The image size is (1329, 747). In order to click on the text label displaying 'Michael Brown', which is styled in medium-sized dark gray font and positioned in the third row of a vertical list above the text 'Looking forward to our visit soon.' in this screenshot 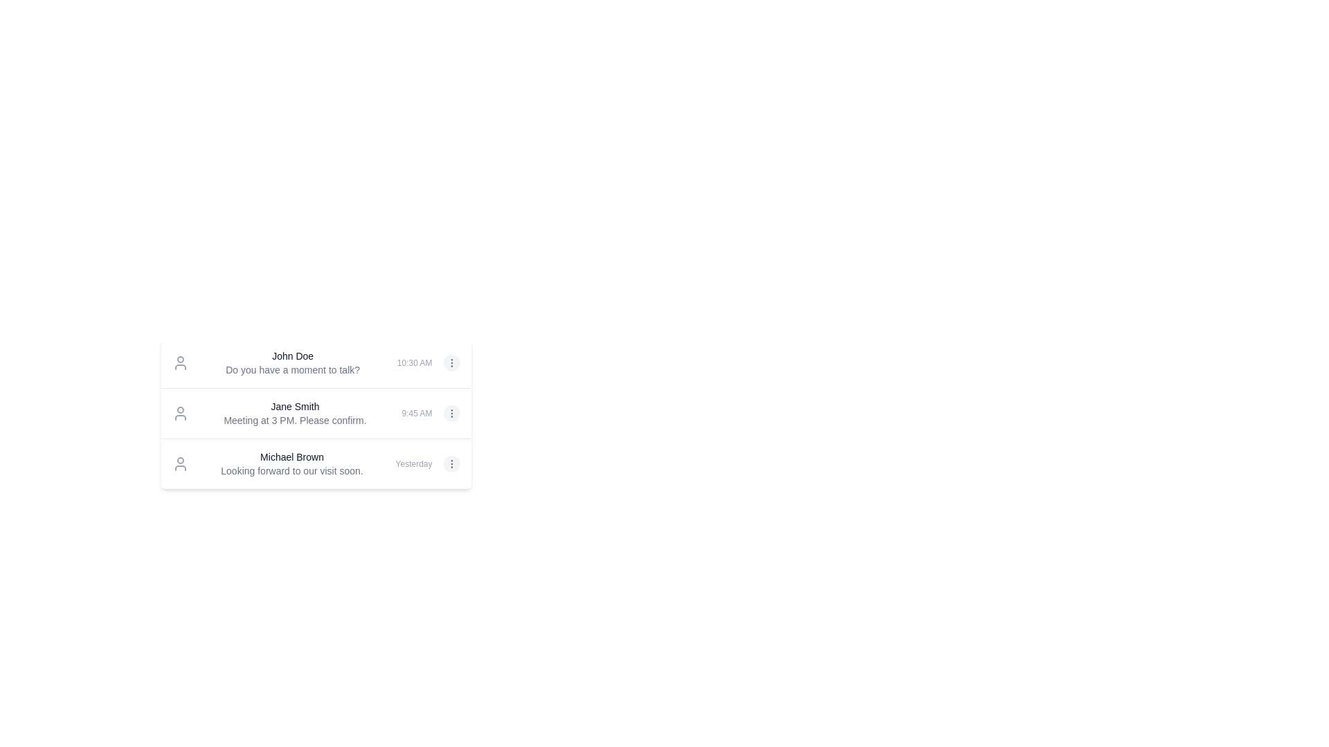, I will do `click(291, 456)`.